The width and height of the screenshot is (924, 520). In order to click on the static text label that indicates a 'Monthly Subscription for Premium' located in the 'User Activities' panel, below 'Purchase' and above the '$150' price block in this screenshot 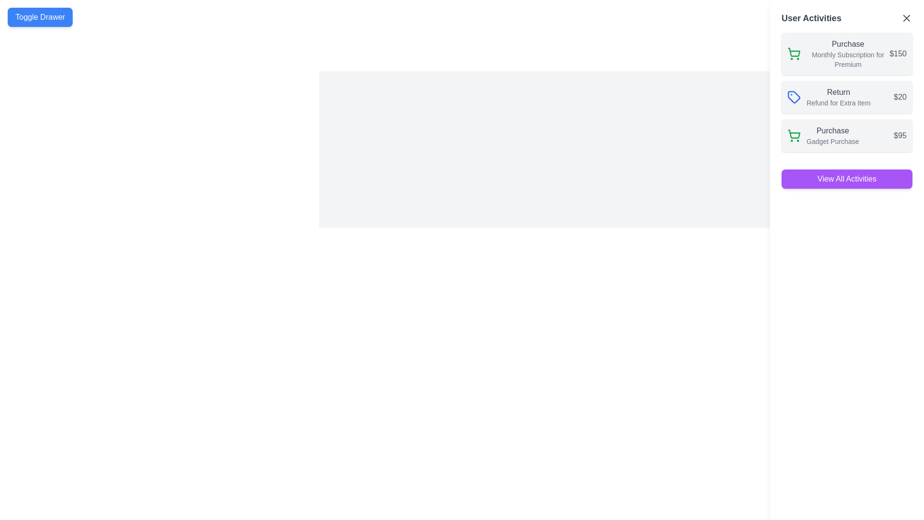, I will do `click(848, 59)`.